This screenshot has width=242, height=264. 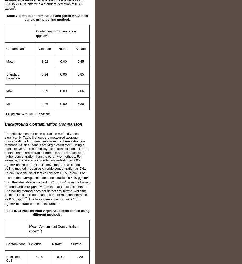 I want to click on 'Background Contamination Comparison', so click(x=4, y=124).